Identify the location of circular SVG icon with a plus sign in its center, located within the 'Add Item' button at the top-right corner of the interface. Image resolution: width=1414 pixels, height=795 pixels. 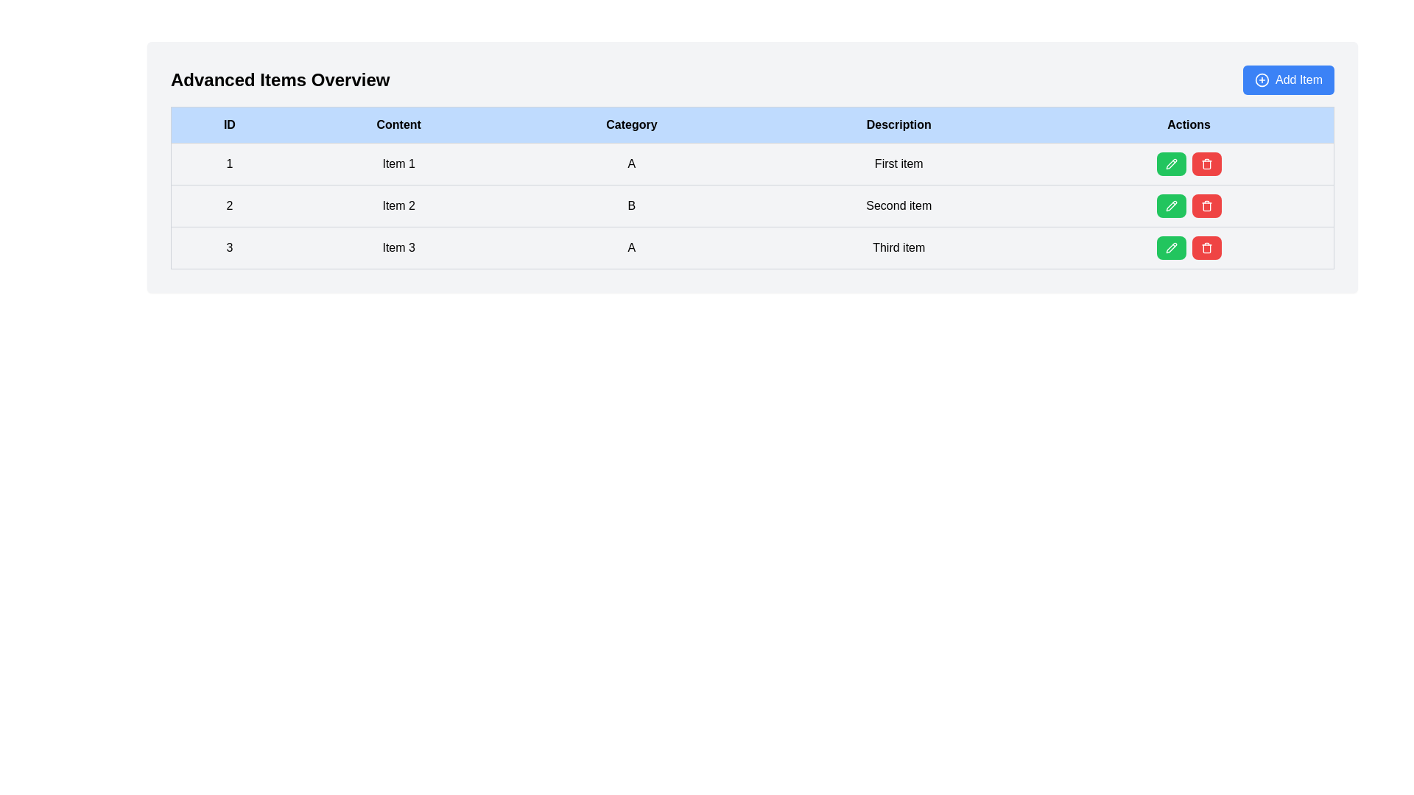
(1261, 79).